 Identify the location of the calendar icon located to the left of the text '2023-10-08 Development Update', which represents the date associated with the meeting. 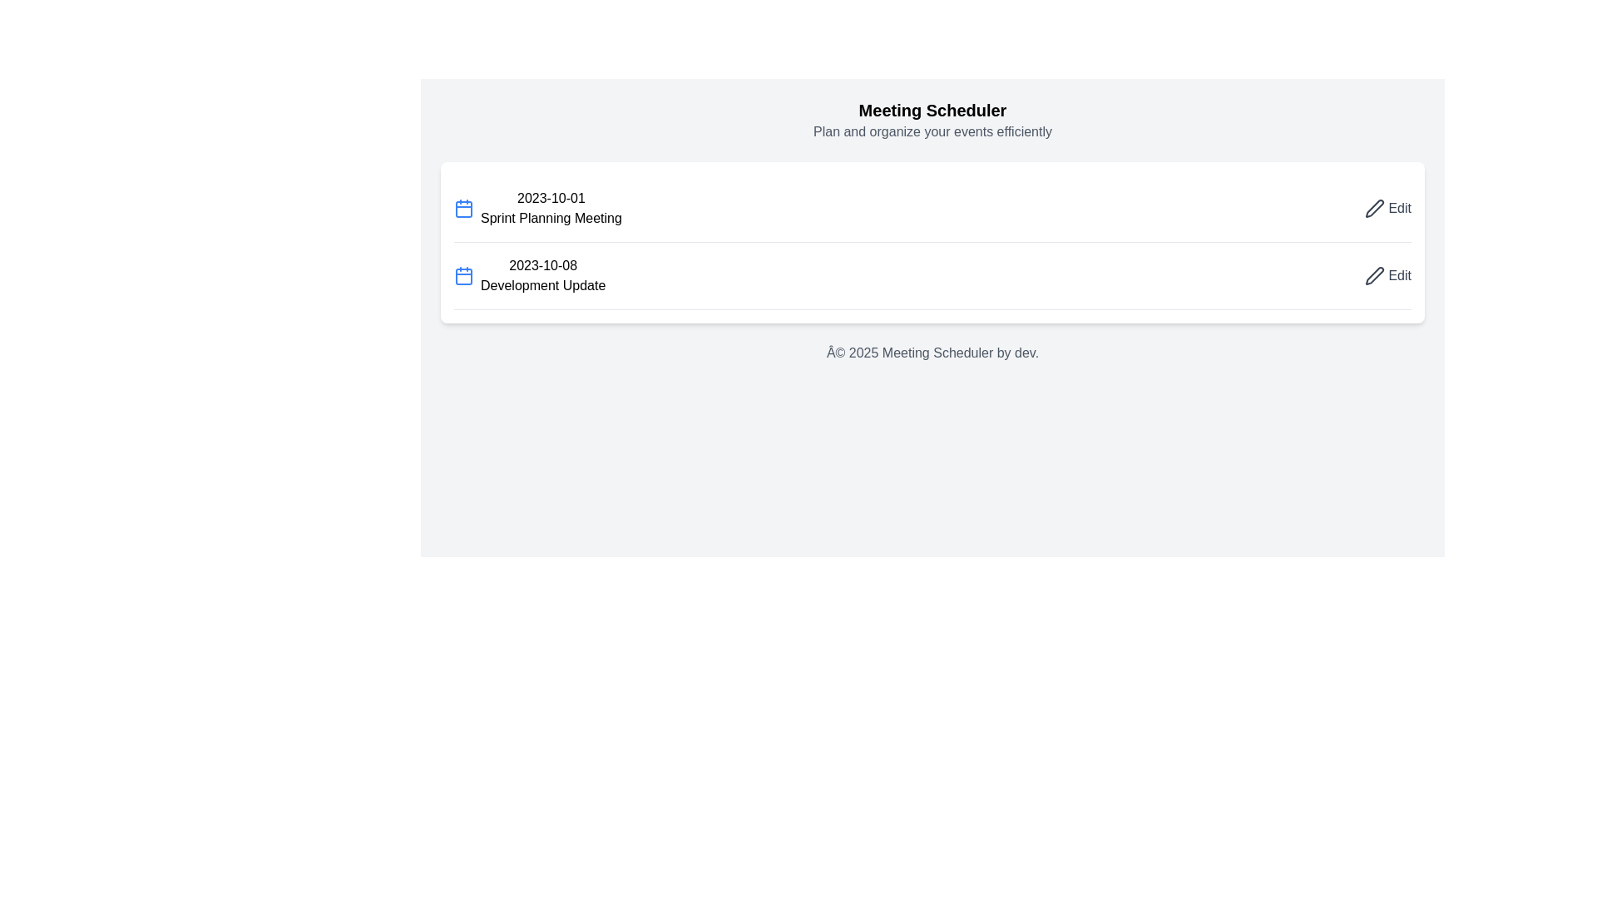
(463, 274).